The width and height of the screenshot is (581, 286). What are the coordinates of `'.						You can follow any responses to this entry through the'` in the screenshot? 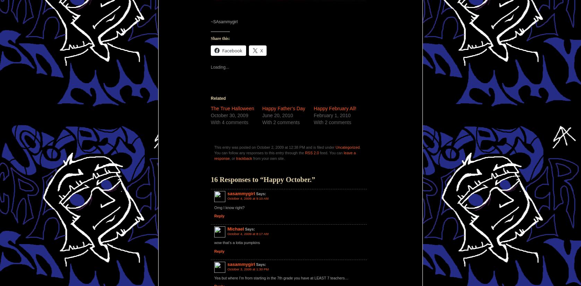 It's located at (287, 150).